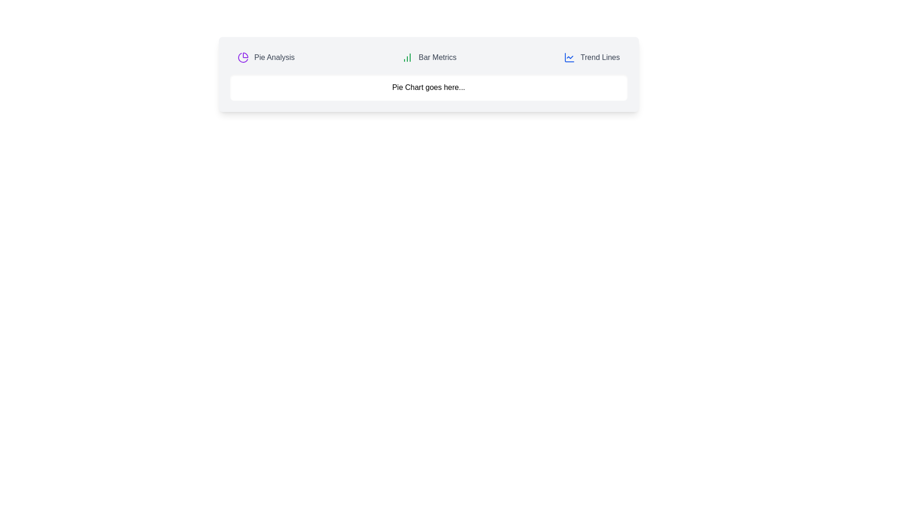 The width and height of the screenshot is (900, 506). I want to click on the tab labeled Bar Metrics to view its hover effect, so click(428, 58).